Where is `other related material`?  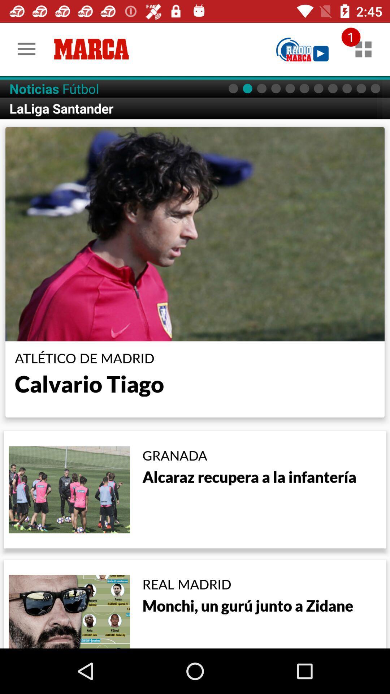
other related material is located at coordinates (363, 49).